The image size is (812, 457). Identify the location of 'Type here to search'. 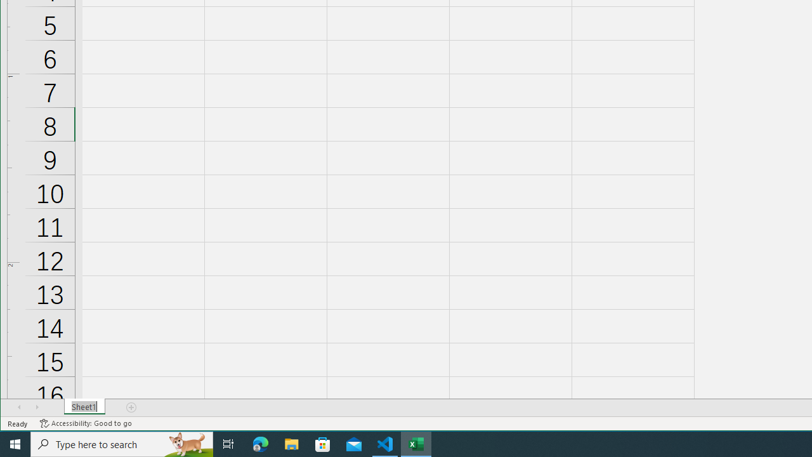
(122, 443).